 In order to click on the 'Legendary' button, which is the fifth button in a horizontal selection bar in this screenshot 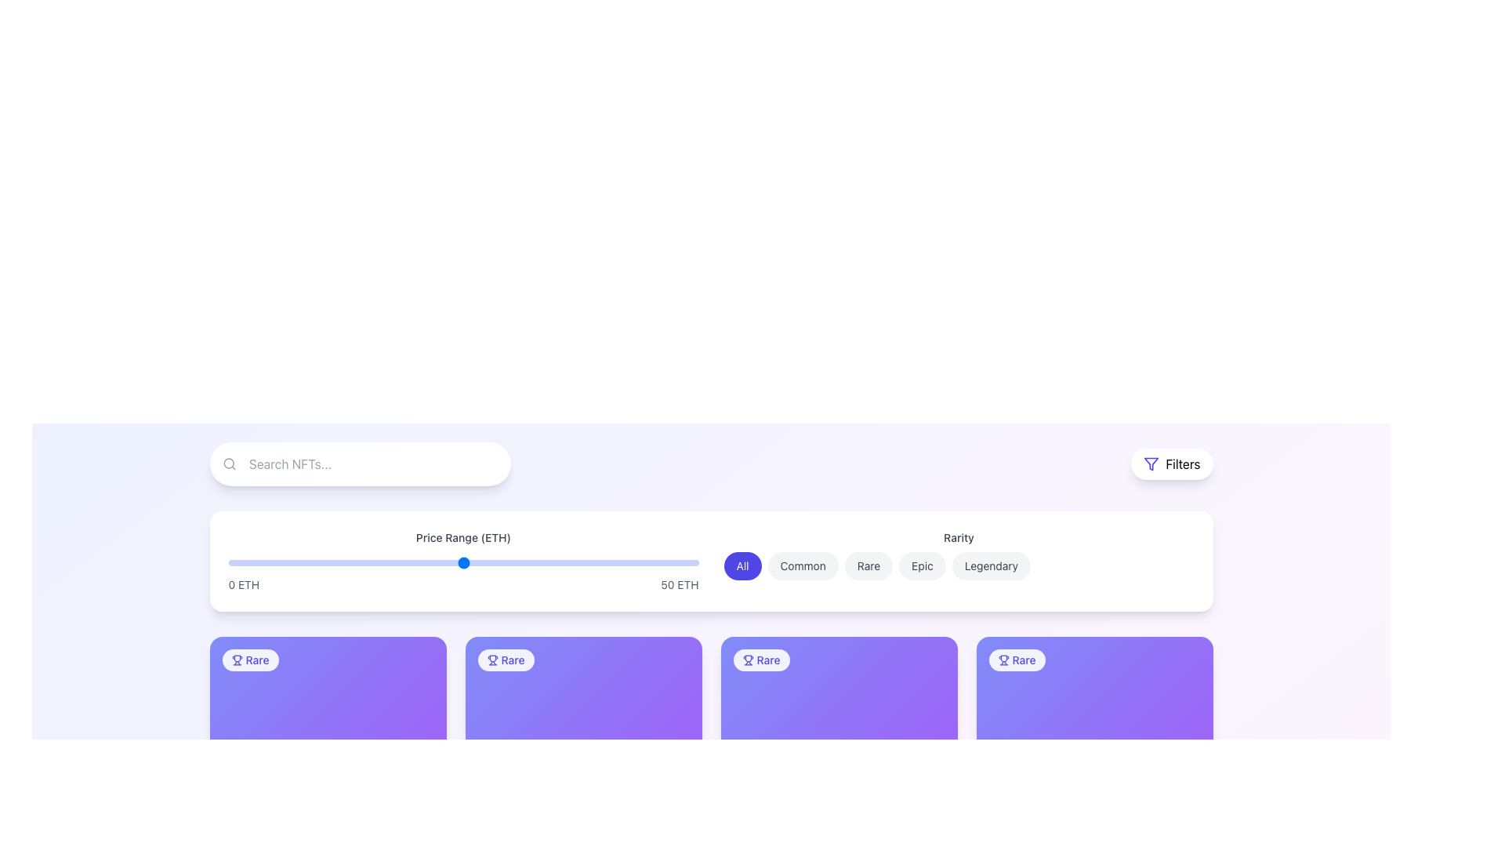, I will do `click(990, 565)`.